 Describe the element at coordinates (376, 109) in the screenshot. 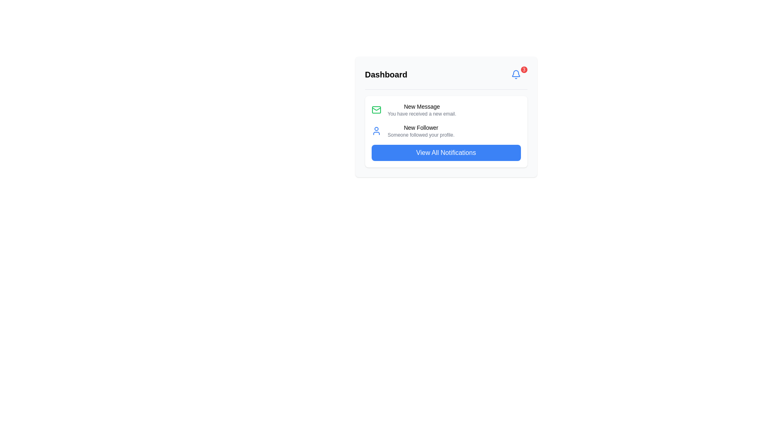

I see `the rectangular envelope icon with a green outline that represents a mail symbol, located in the notification section associated with the 'New Message' notification` at that location.